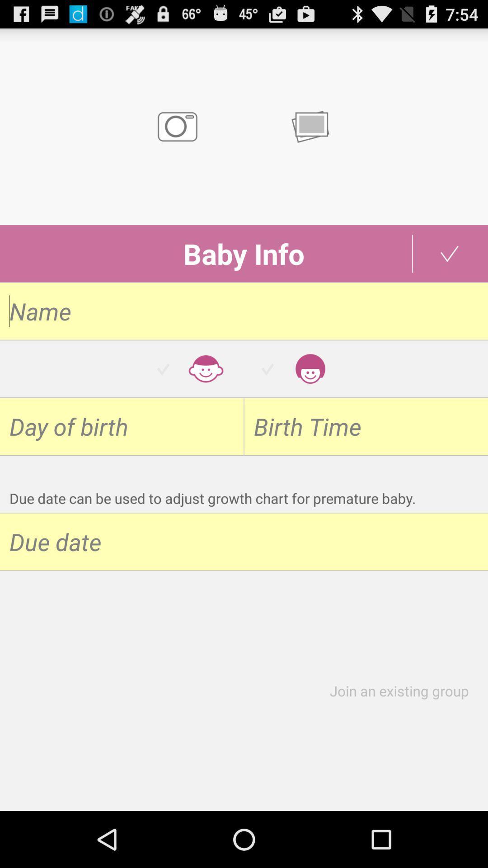 The image size is (488, 868). What do you see at coordinates (450, 271) in the screenshot?
I see `the check icon` at bounding box center [450, 271].